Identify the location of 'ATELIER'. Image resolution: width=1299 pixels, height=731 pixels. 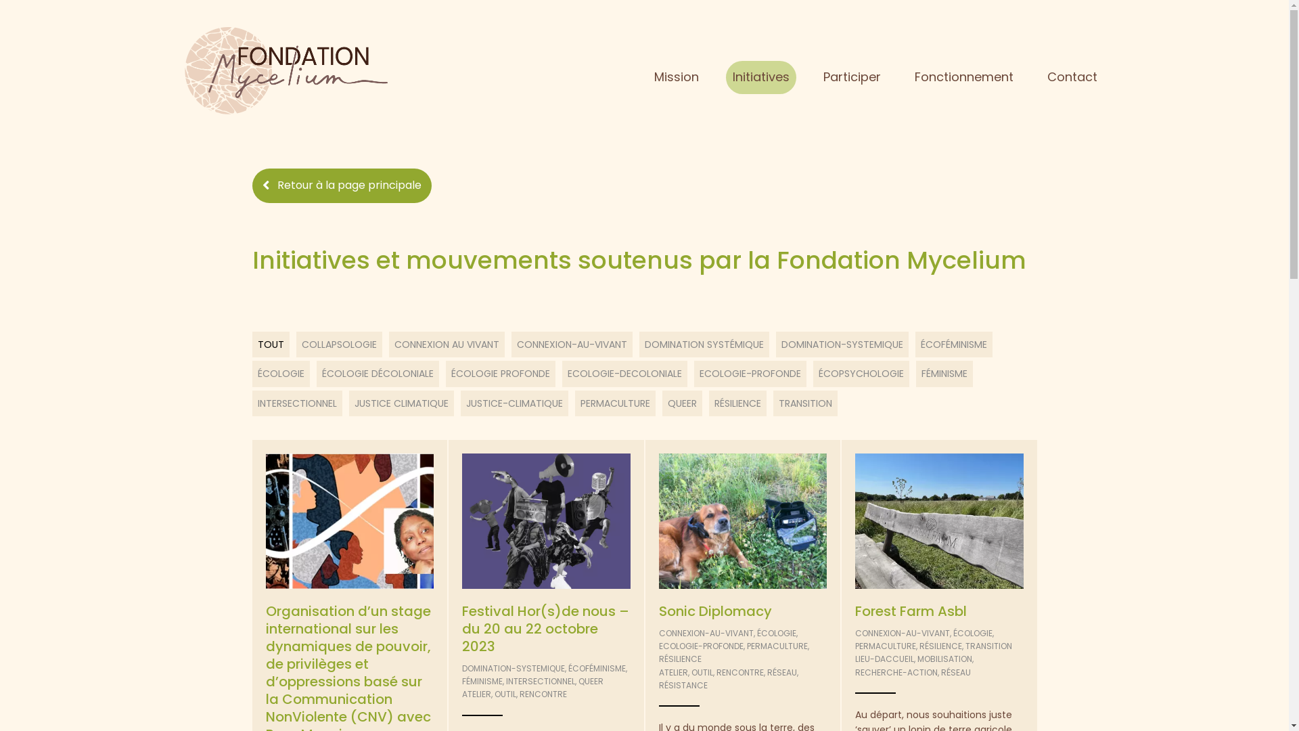
(673, 672).